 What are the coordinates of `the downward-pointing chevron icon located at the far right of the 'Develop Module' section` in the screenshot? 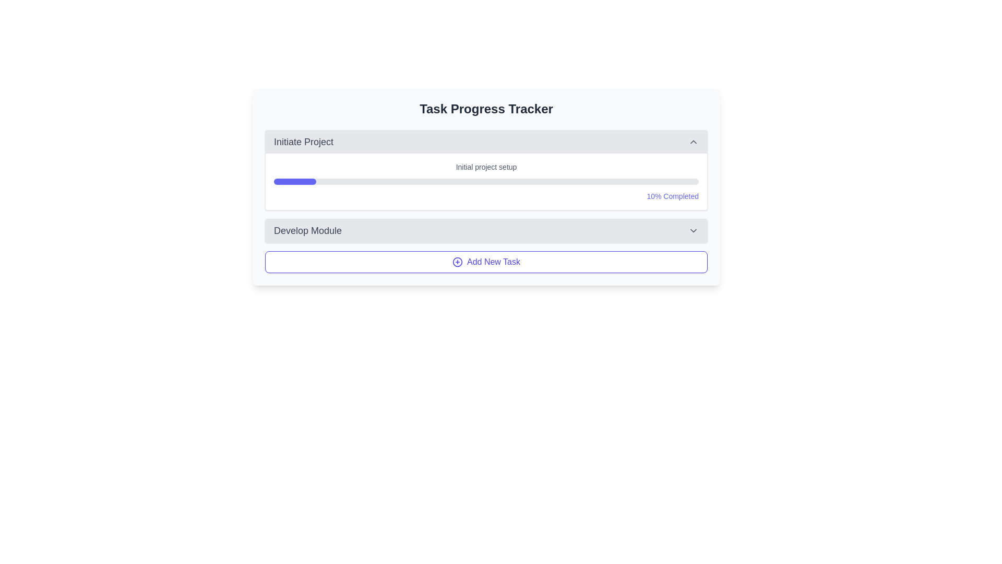 It's located at (694, 230).